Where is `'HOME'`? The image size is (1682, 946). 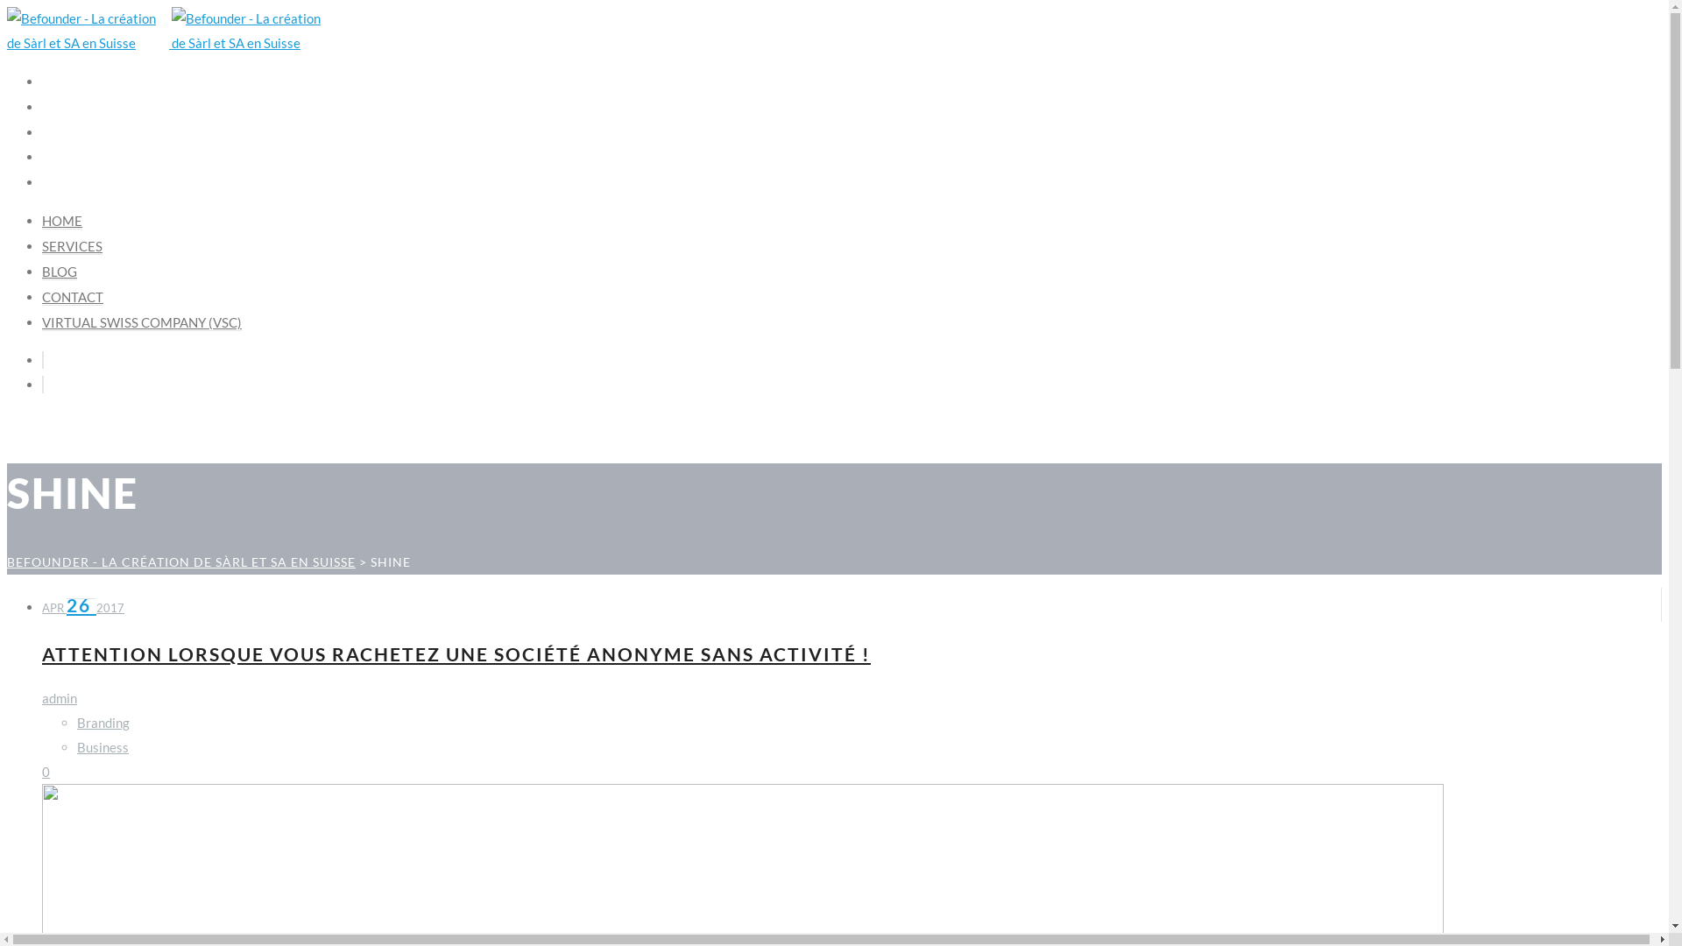
'HOME' is located at coordinates (62, 220).